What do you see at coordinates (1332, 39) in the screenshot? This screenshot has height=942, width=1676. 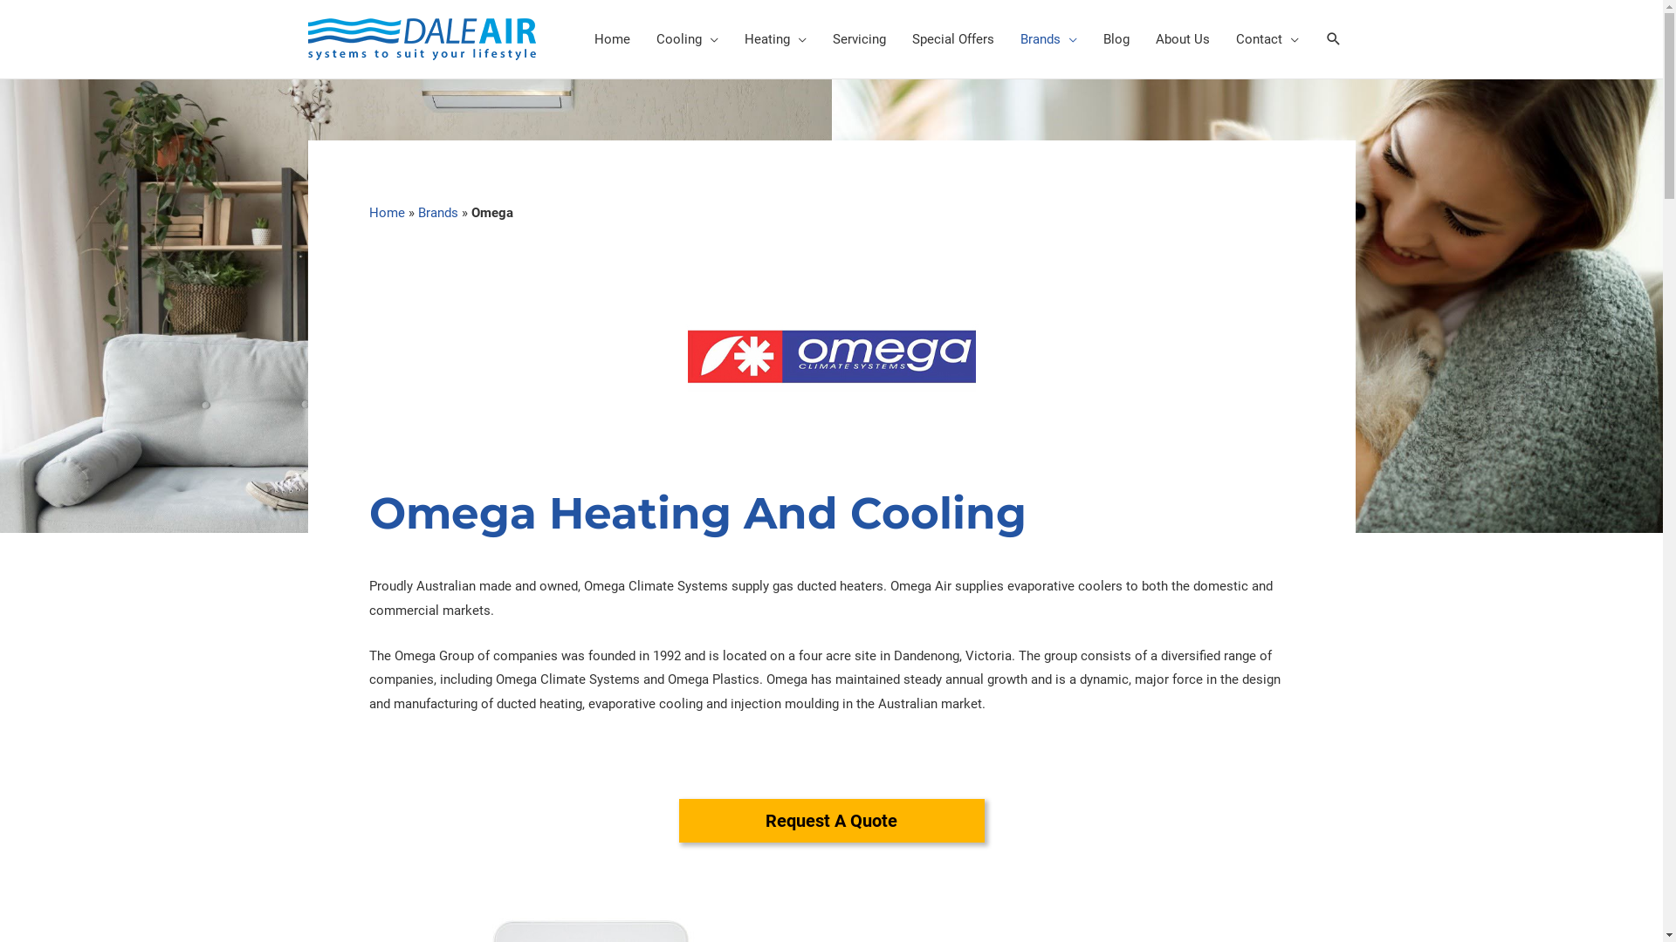 I see `'Search'` at bounding box center [1332, 39].